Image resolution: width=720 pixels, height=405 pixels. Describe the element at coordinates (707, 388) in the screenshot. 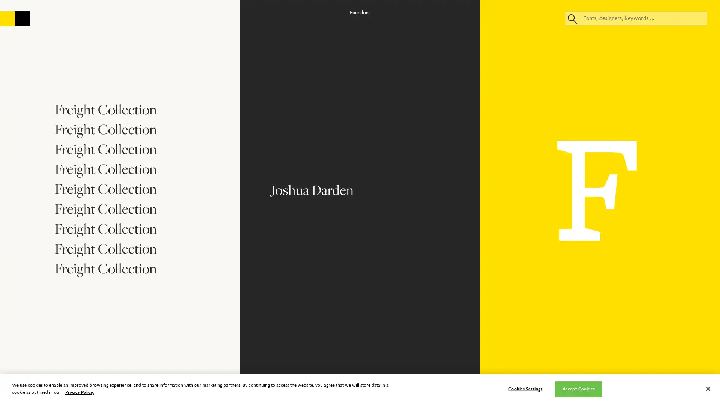

I see `Close` at that location.